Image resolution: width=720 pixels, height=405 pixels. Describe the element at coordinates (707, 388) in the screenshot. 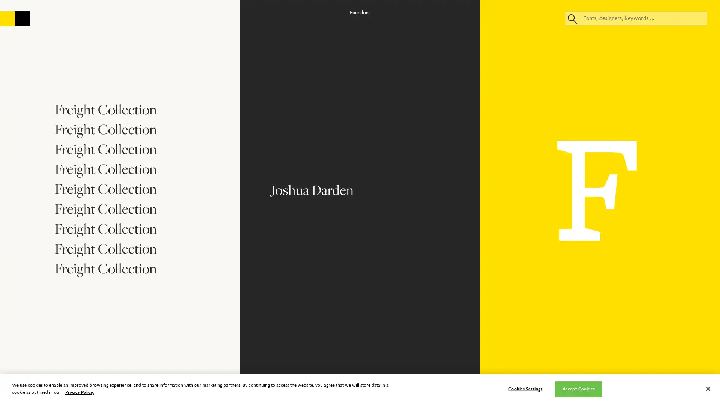

I see `Close` at that location.